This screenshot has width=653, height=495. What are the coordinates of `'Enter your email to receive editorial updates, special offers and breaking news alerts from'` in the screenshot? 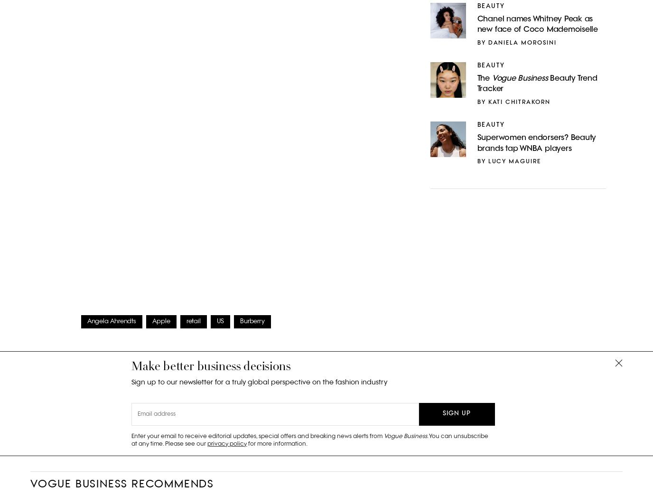 It's located at (257, 435).